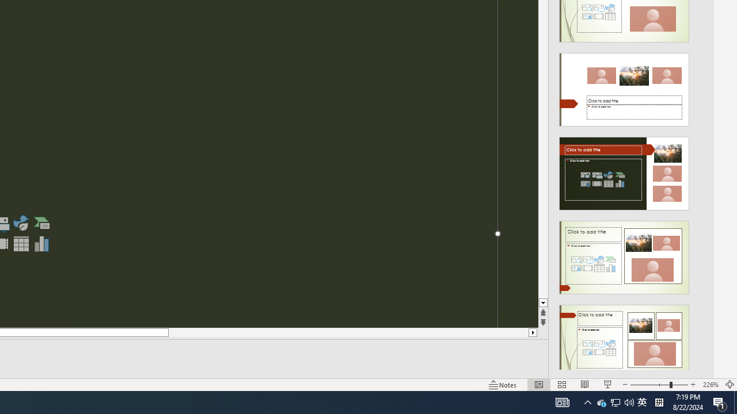  Describe the element at coordinates (42, 223) in the screenshot. I see `'Insert a SmartArt Graphic'` at that location.